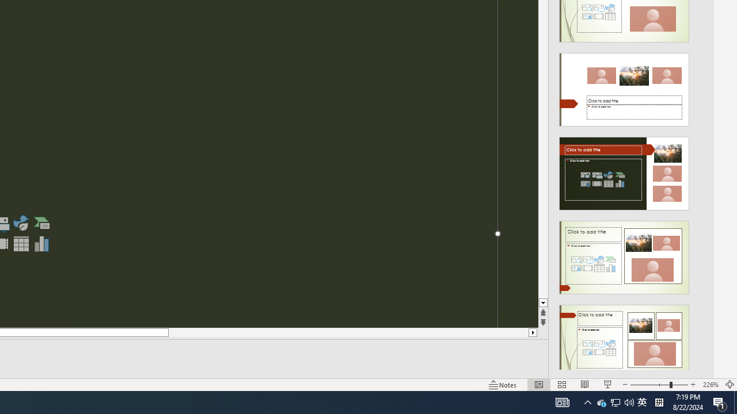  Describe the element at coordinates (42, 223) in the screenshot. I see `'Insert a SmartArt Graphic'` at that location.